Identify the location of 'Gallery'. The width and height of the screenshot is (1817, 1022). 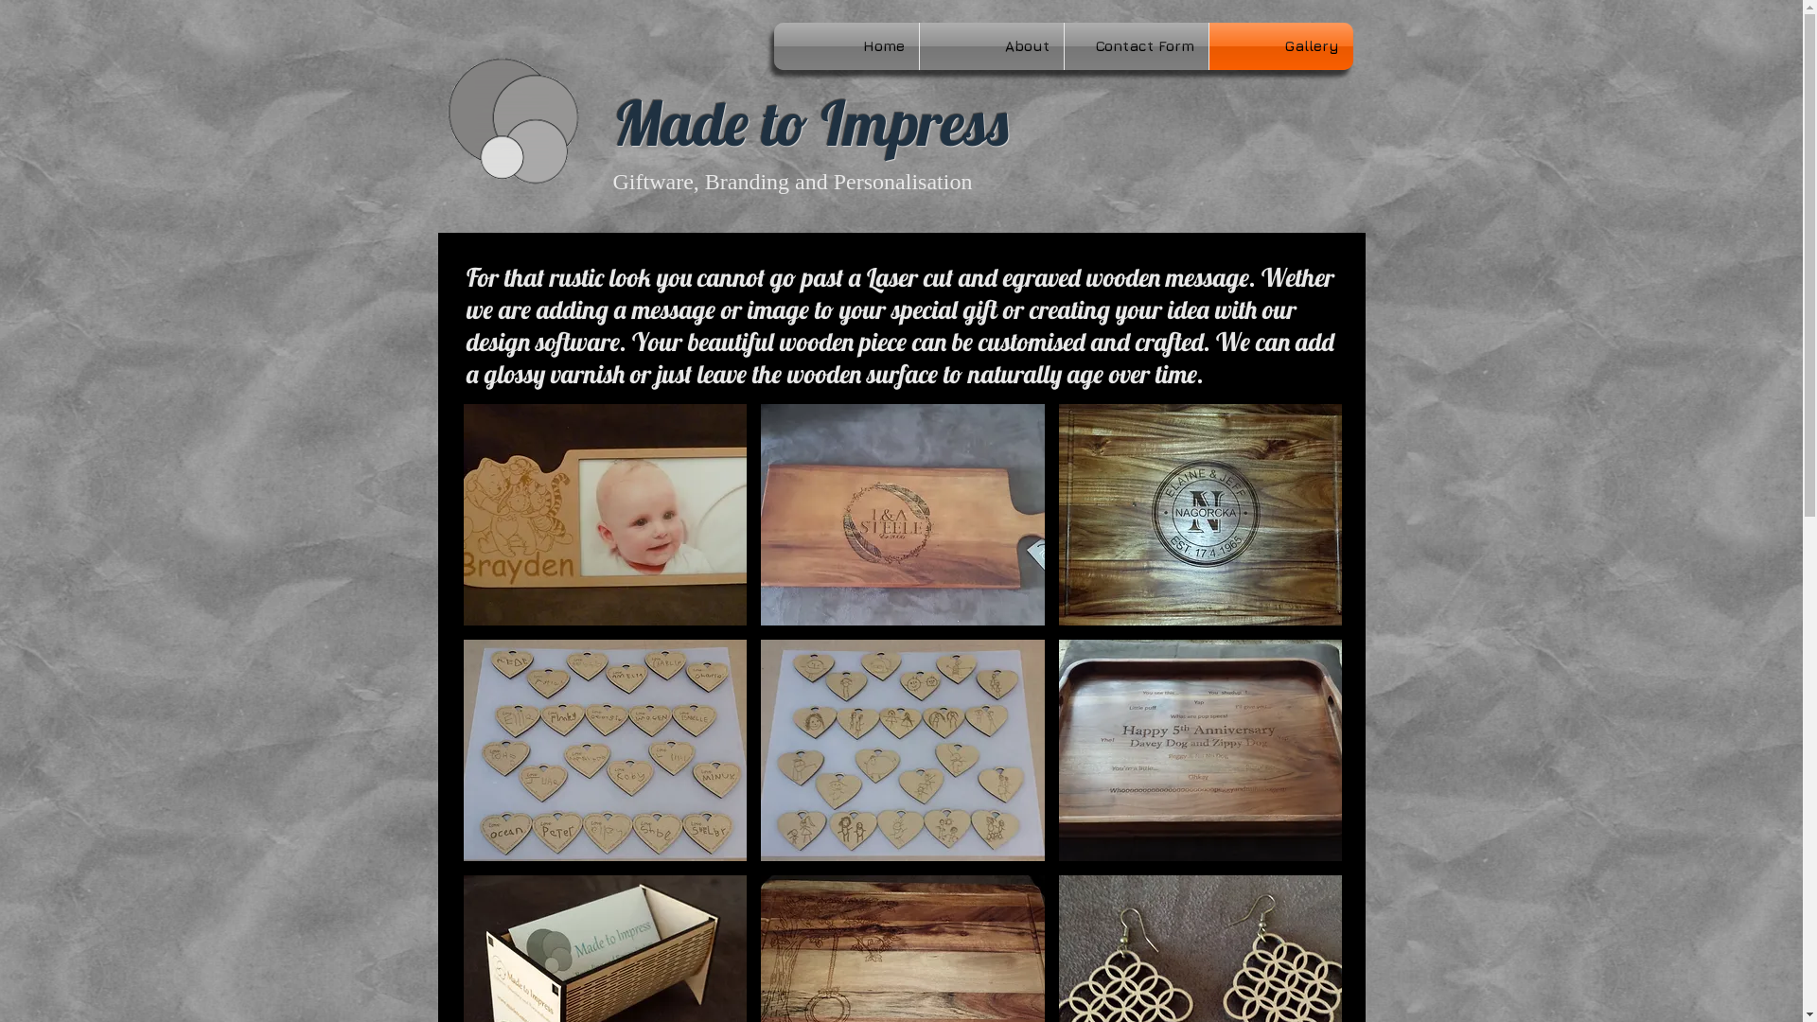
(1280, 45).